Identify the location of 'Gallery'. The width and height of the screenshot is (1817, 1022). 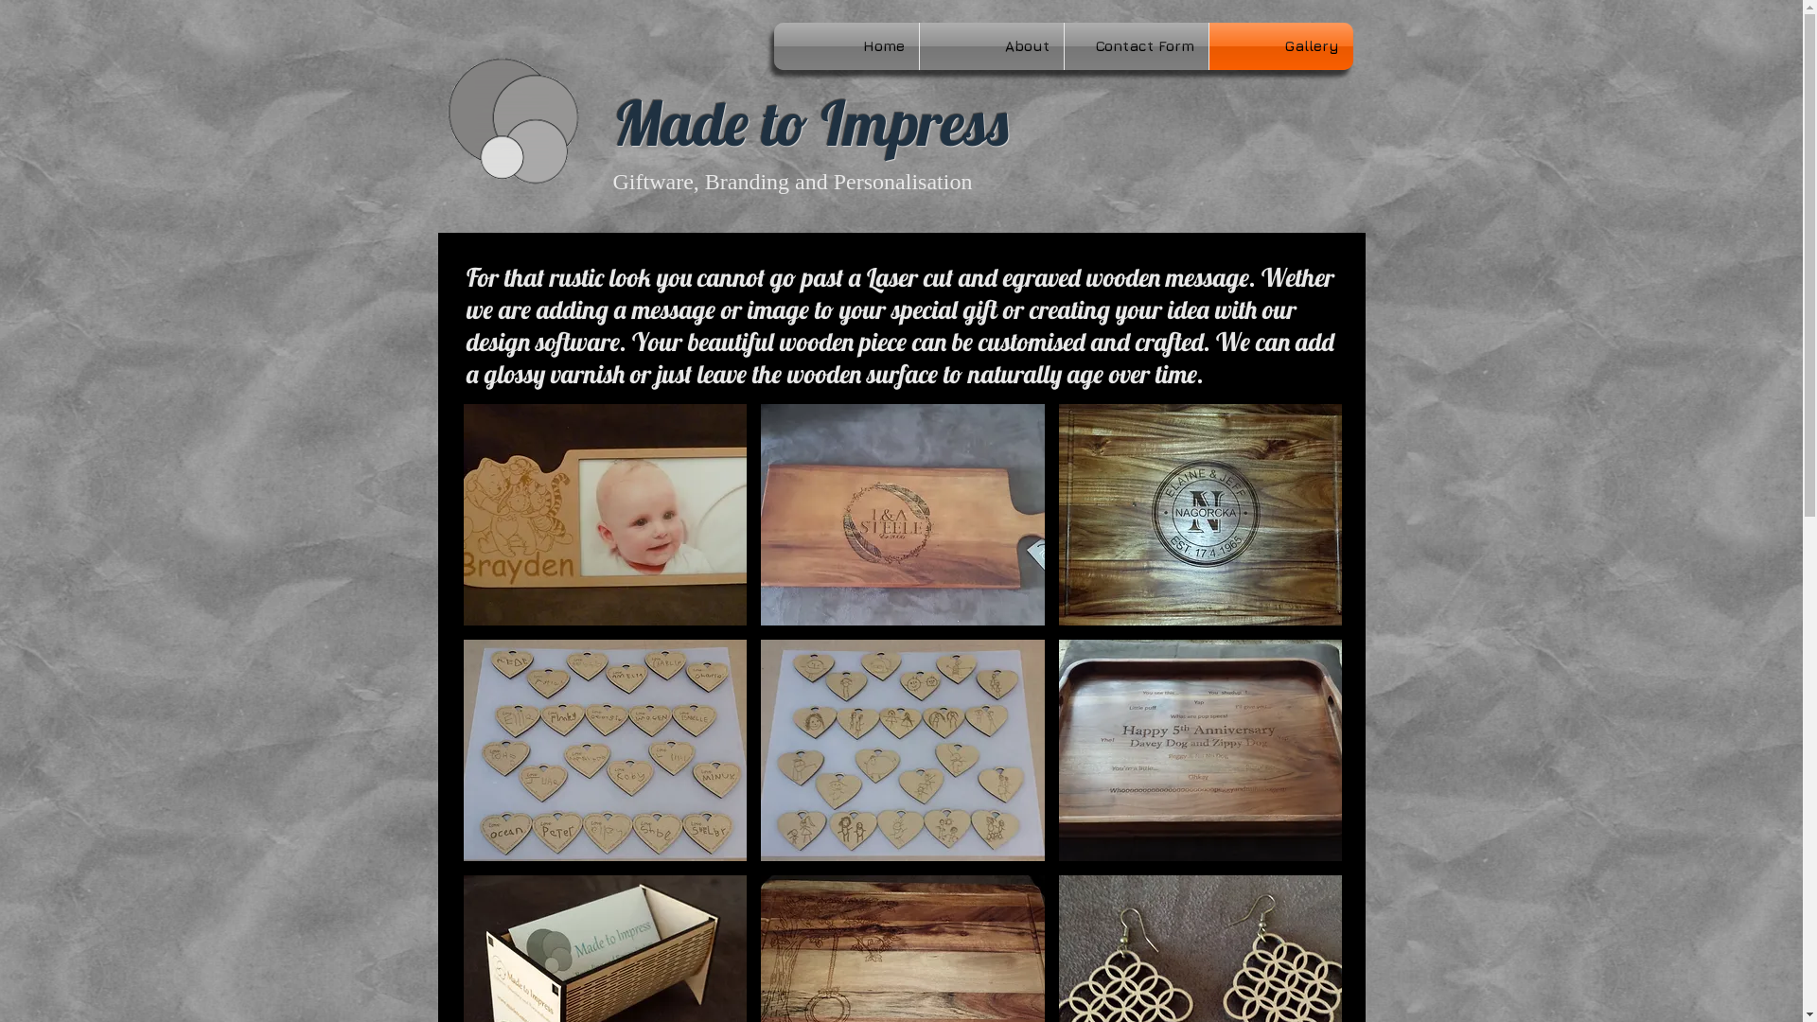
(1280, 45).